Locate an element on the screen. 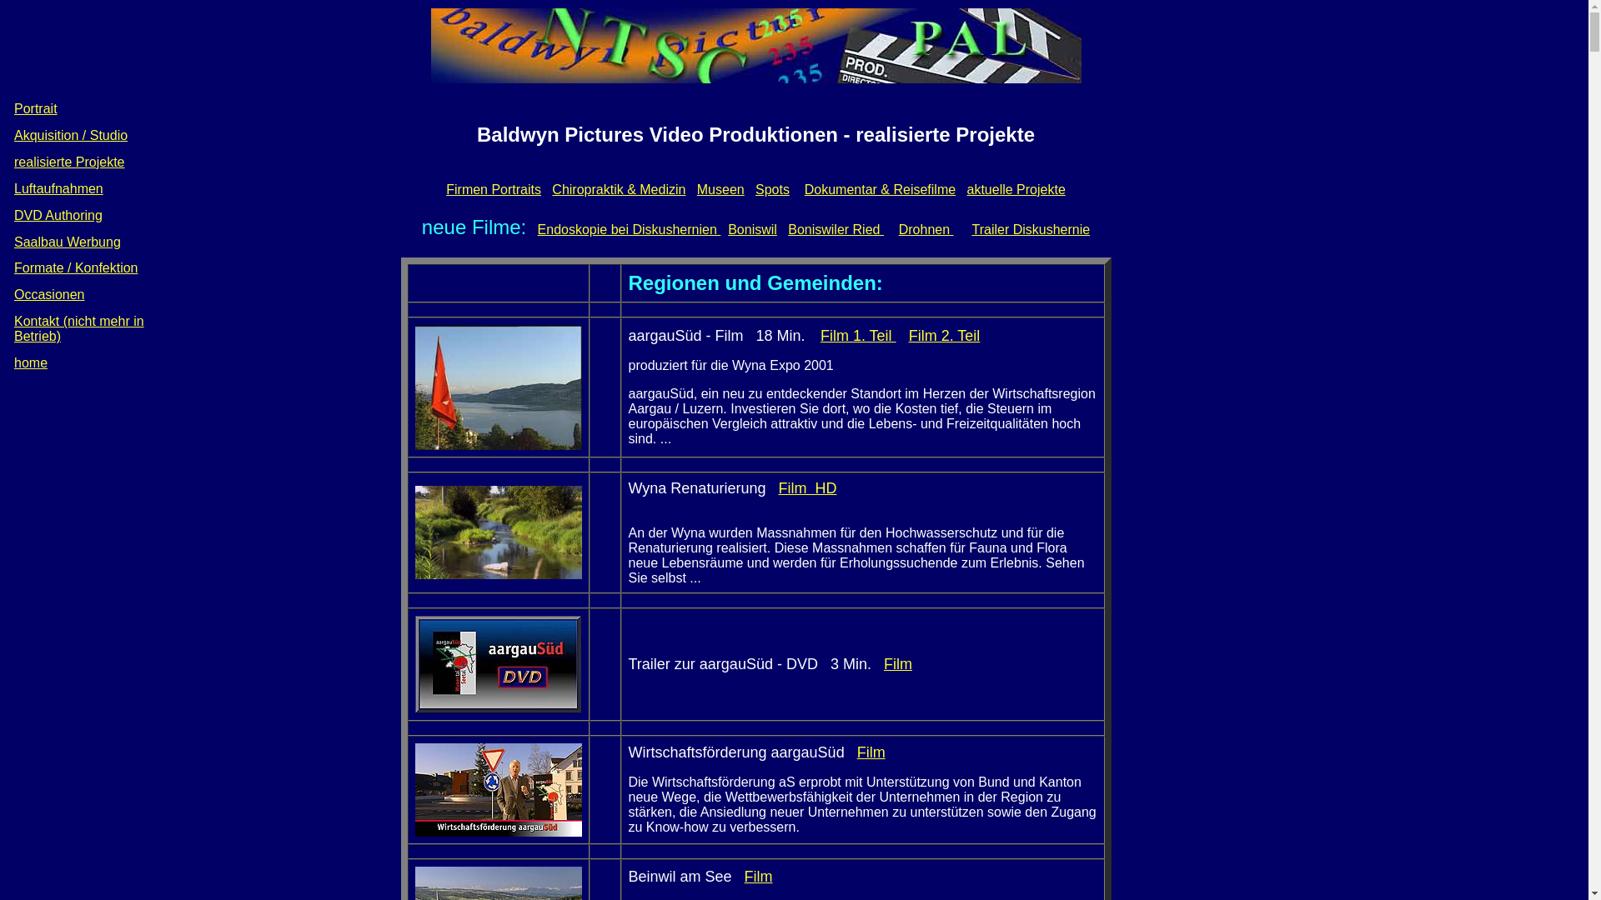  'Endoskopie bei Diskushernien ' is located at coordinates (628, 229).